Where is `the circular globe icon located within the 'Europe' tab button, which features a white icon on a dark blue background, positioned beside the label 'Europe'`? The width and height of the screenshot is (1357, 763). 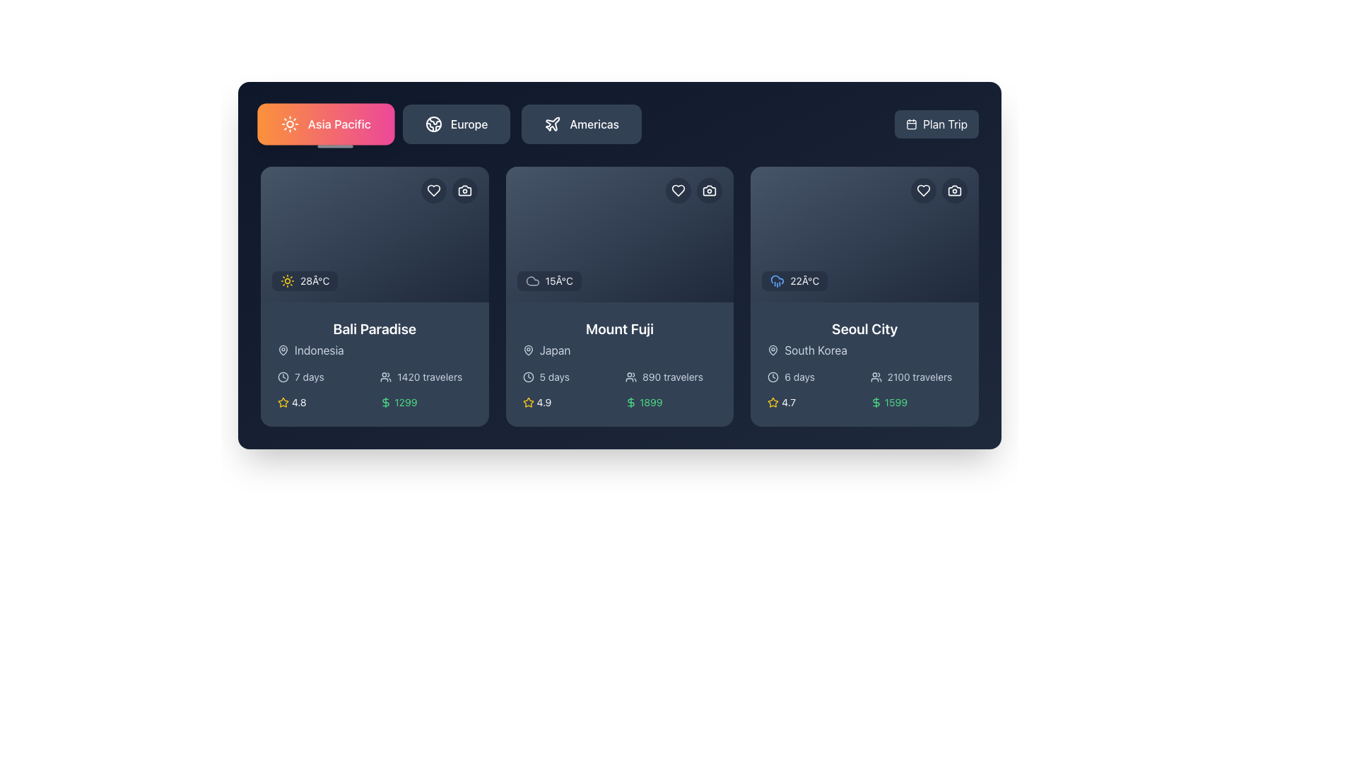
the circular globe icon located within the 'Europe' tab button, which features a white icon on a dark blue background, positioned beside the label 'Europe' is located at coordinates (433, 124).